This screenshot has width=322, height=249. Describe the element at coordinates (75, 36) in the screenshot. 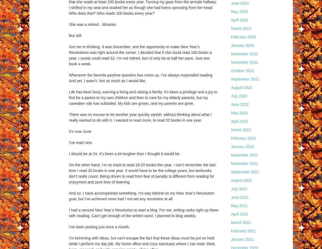

I see `'But still.'` at that location.